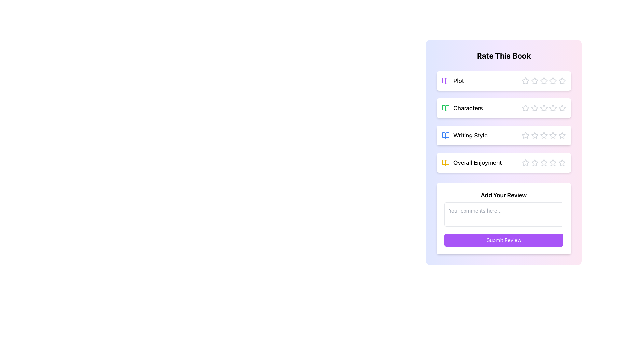 This screenshot has height=351, width=625. What do you see at coordinates (445, 108) in the screenshot?
I see `the 'Characters' category icon in the 'Rate This Book' section, which serves as a visual indicator for the category` at bounding box center [445, 108].